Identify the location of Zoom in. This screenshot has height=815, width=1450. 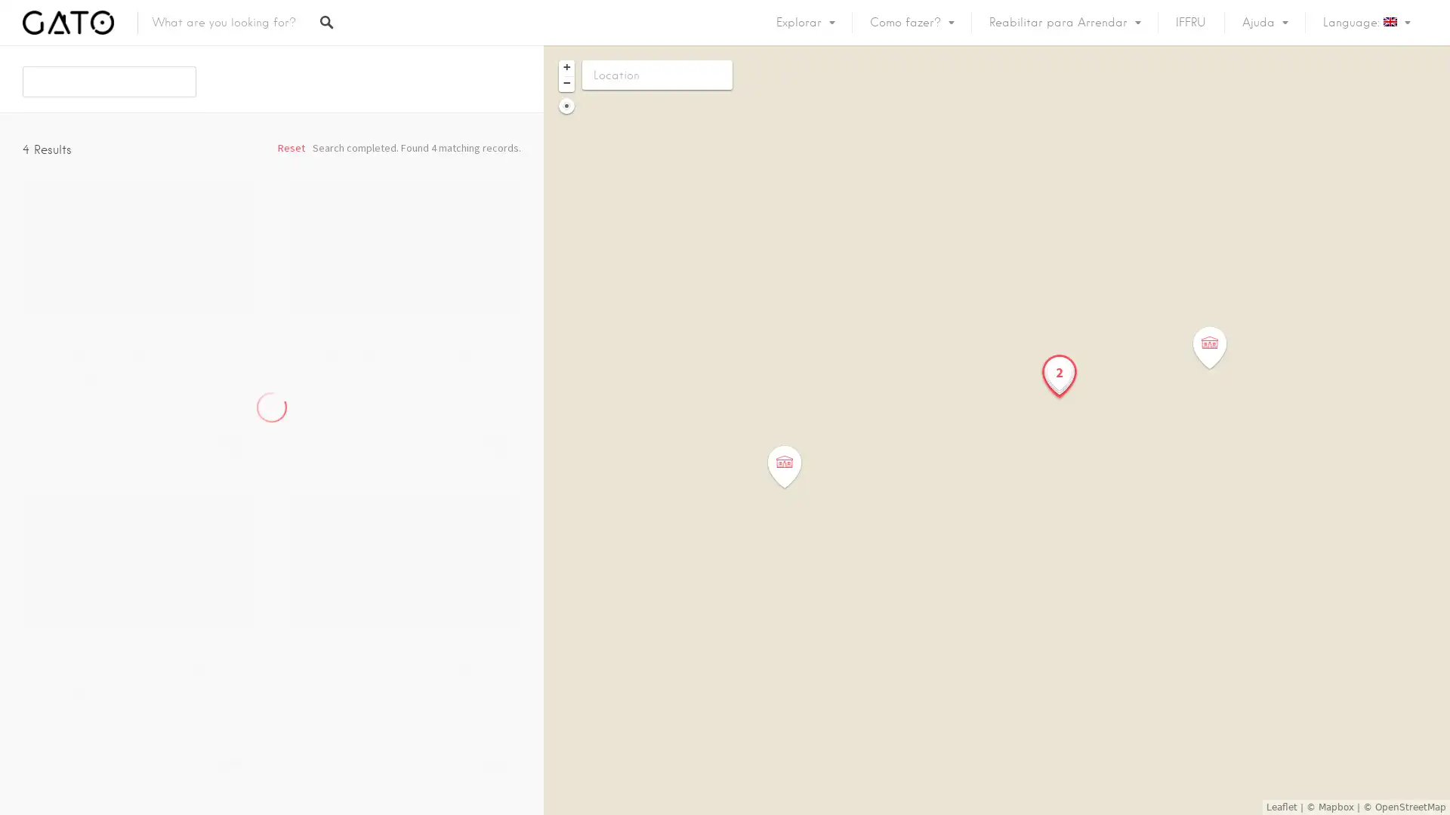
(566, 68).